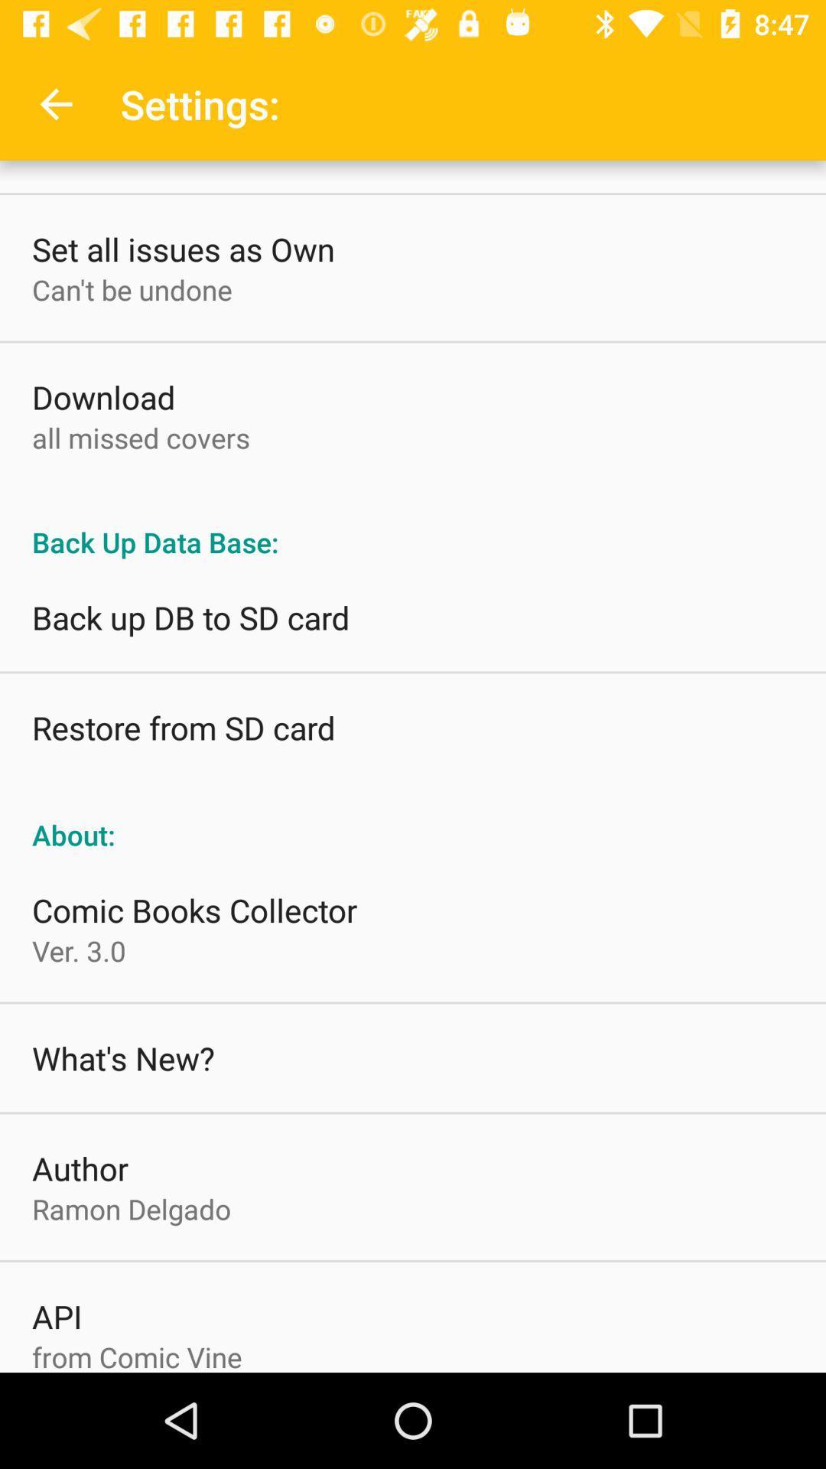 Image resolution: width=826 pixels, height=1469 pixels. I want to click on item below the restore from sd icon, so click(413, 818).